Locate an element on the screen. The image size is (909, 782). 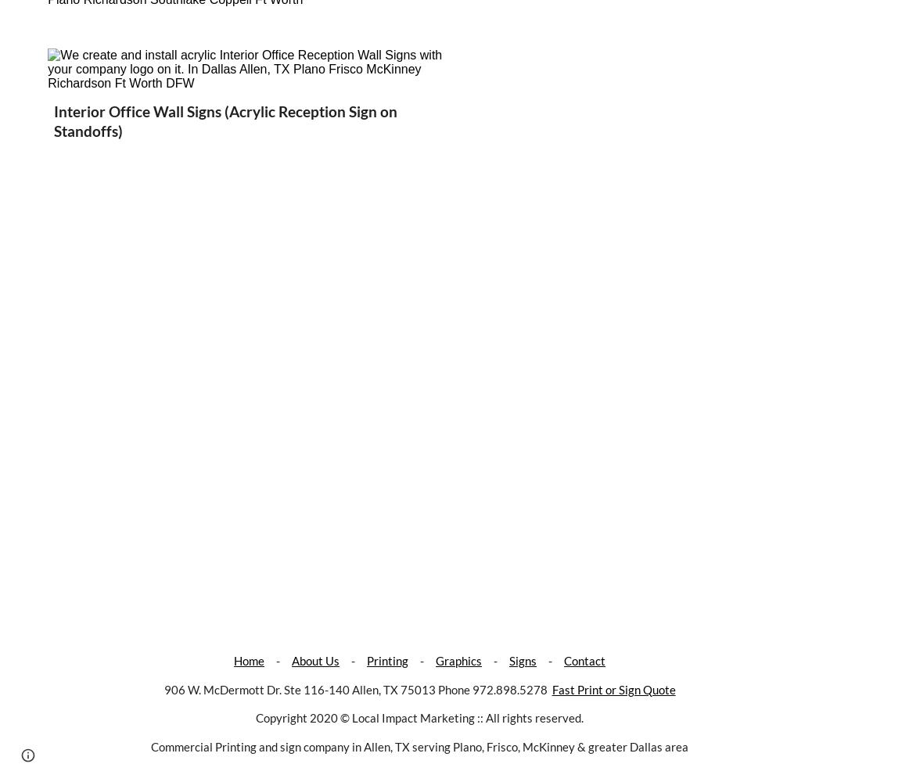
'Contact' is located at coordinates (563, 660).